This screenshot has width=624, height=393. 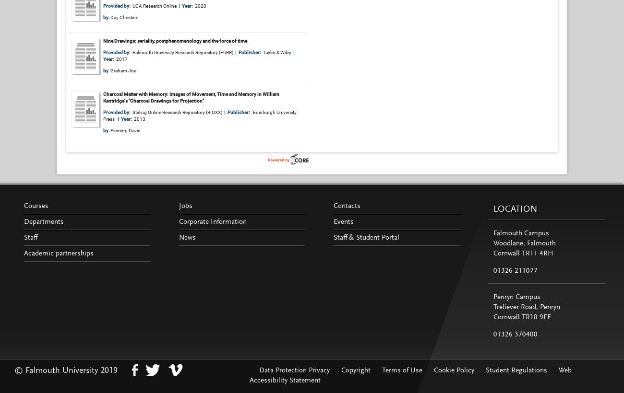 What do you see at coordinates (366, 237) in the screenshot?
I see `'Staff & Student Portal'` at bounding box center [366, 237].